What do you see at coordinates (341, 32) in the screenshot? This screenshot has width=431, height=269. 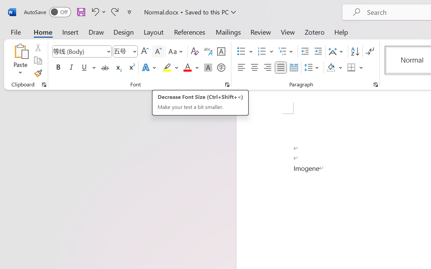 I see `'Help'` at bounding box center [341, 32].